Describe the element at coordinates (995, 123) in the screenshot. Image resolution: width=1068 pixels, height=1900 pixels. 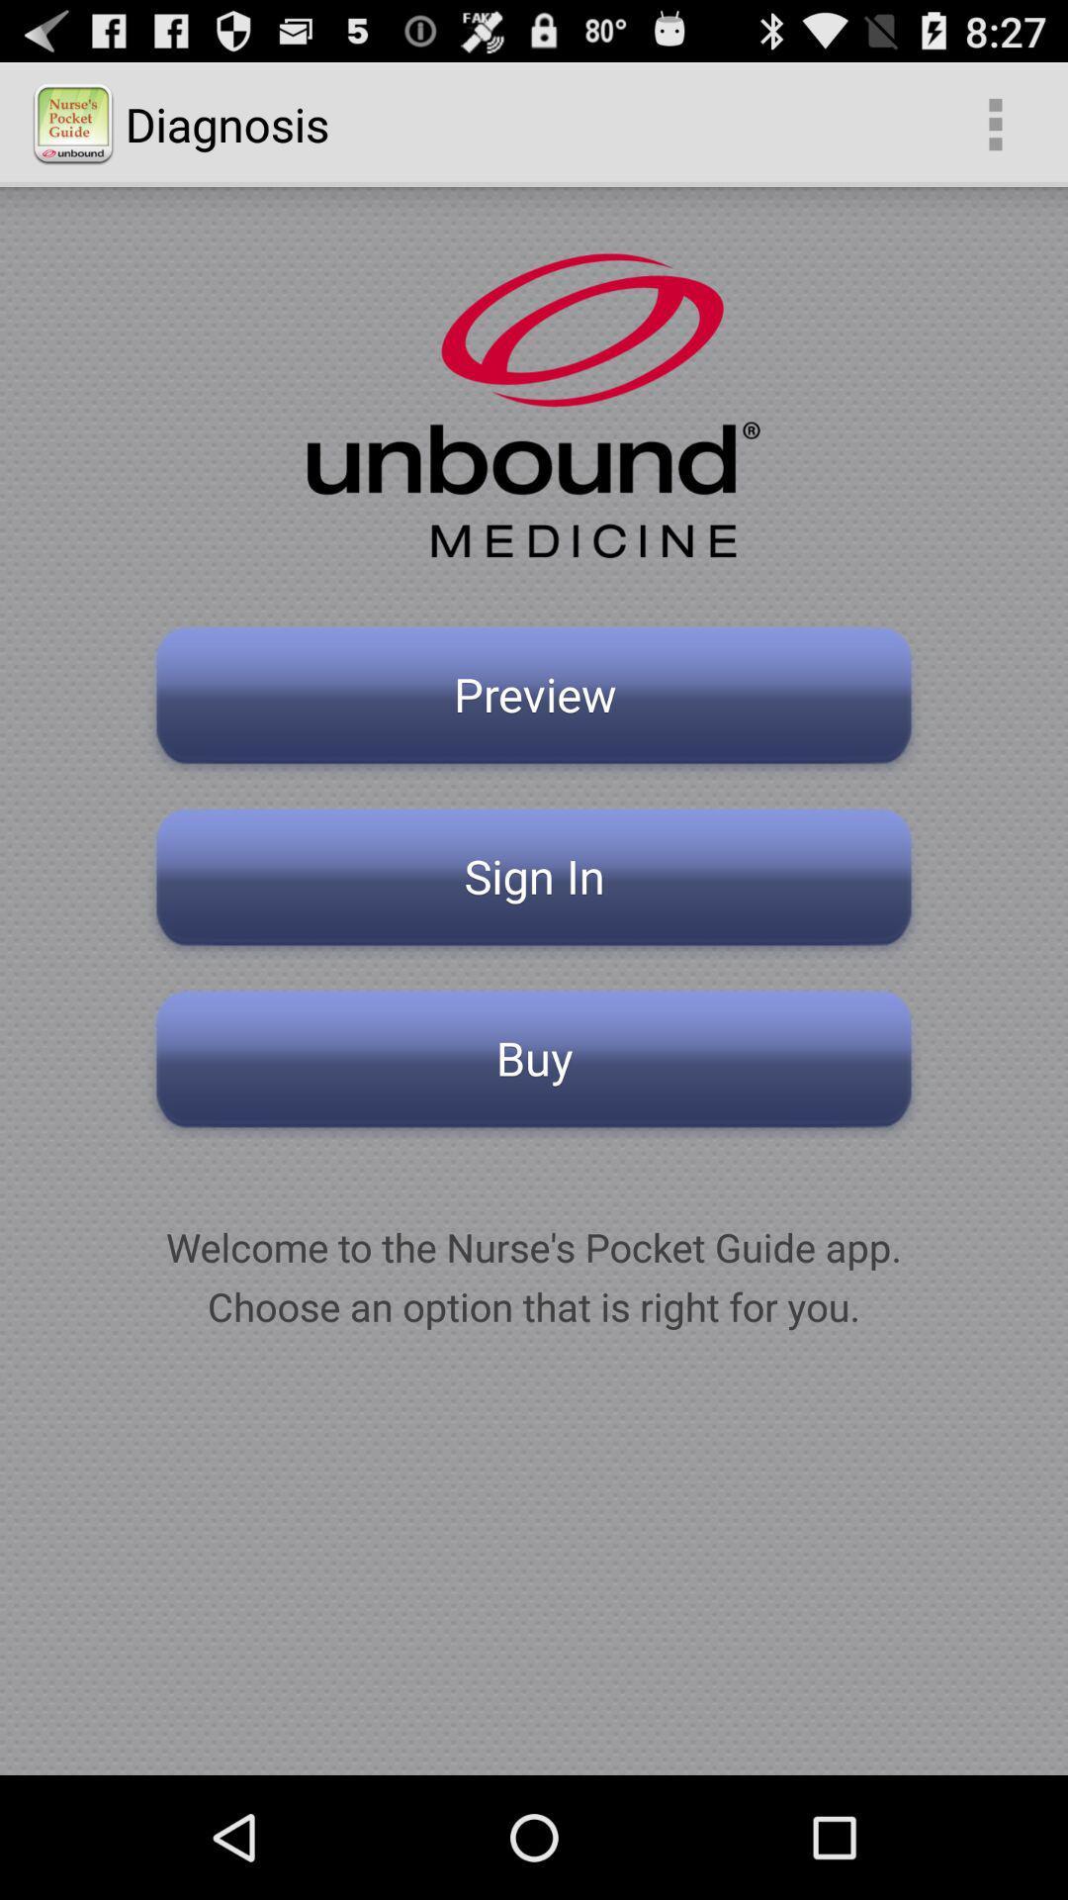
I see `icon above the preview item` at that location.